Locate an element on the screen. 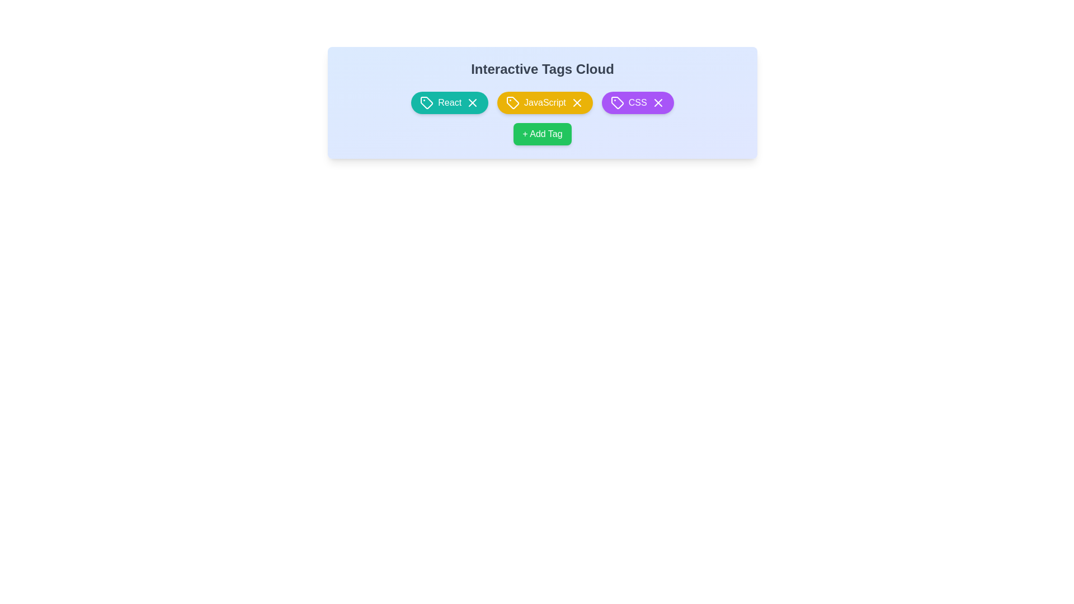 Image resolution: width=1074 pixels, height=604 pixels. the tag with label JavaScript to inspect its color and label is located at coordinates (545, 103).